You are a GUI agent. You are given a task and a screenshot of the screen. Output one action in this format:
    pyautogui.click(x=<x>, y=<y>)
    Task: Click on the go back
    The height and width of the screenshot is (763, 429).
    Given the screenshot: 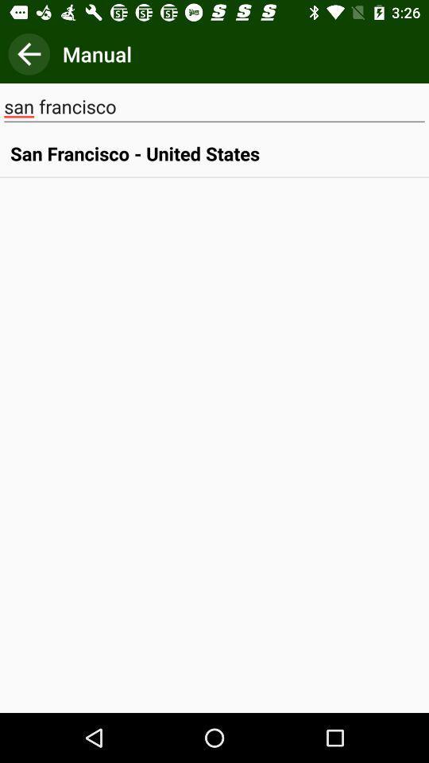 What is the action you would take?
    pyautogui.click(x=29, y=54)
    